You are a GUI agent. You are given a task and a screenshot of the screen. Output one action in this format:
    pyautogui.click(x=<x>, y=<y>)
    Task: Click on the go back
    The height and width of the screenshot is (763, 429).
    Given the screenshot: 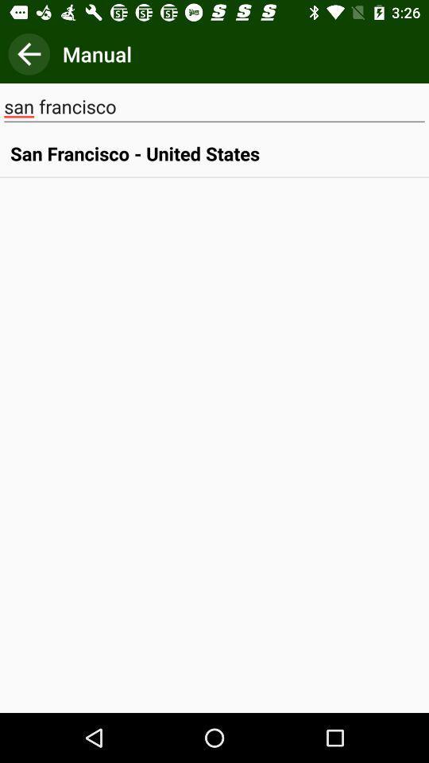 What is the action you would take?
    pyautogui.click(x=29, y=54)
    